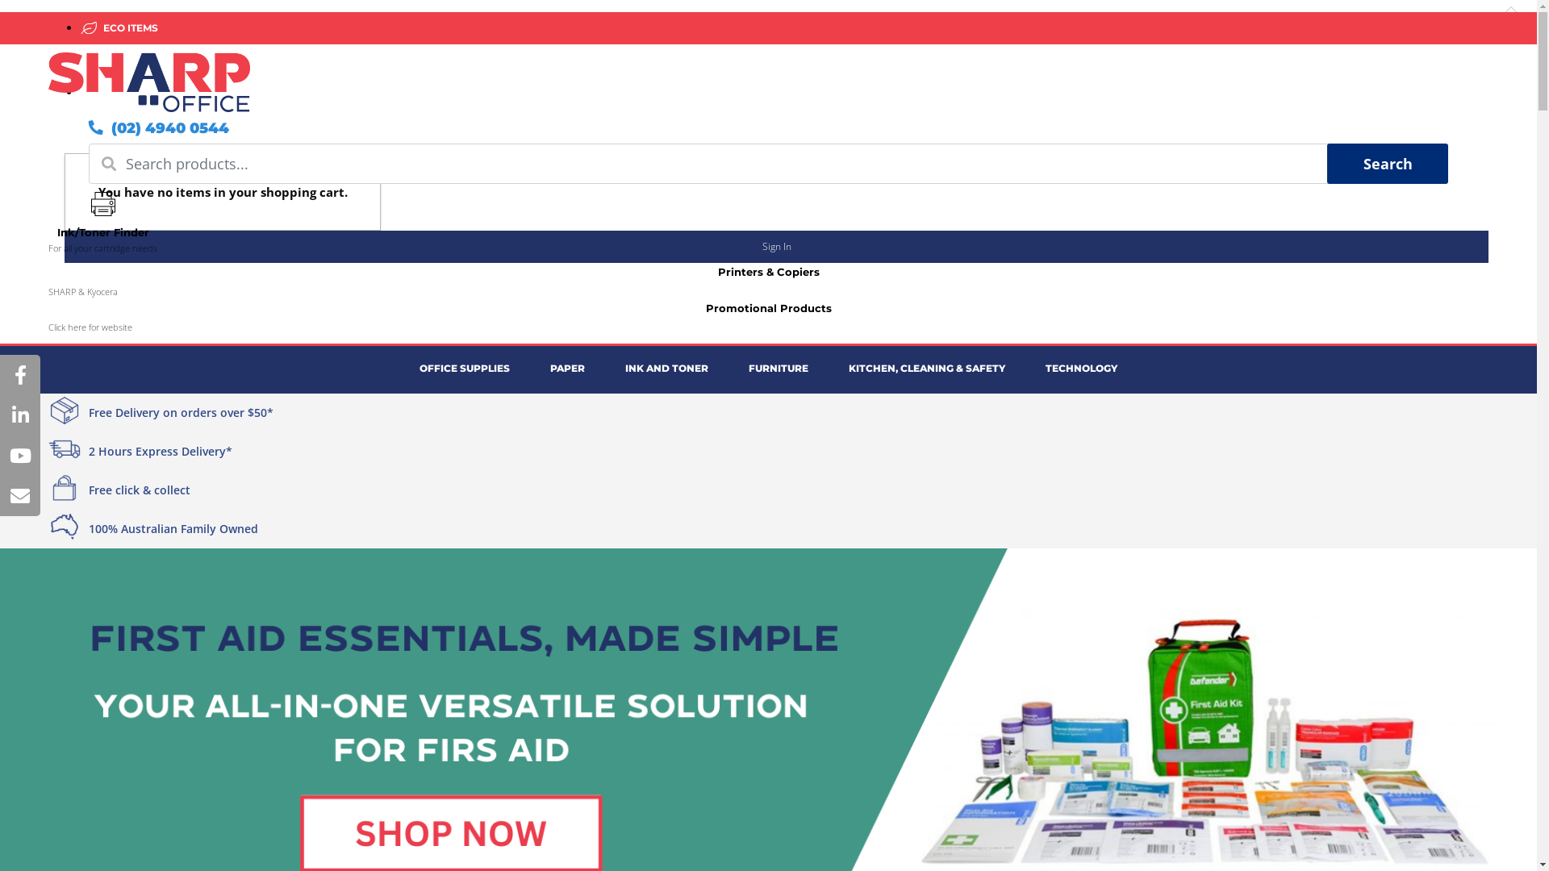 This screenshot has width=1549, height=871. Describe the element at coordinates (829, 368) in the screenshot. I see `'KITCHEN, CLEANING & SAFETY'` at that location.